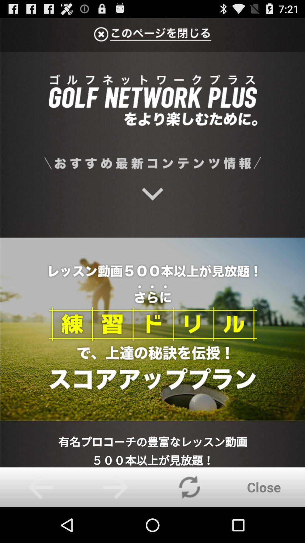  Describe the element at coordinates (152, 242) in the screenshot. I see `opens webpage of displayed advertisement` at that location.